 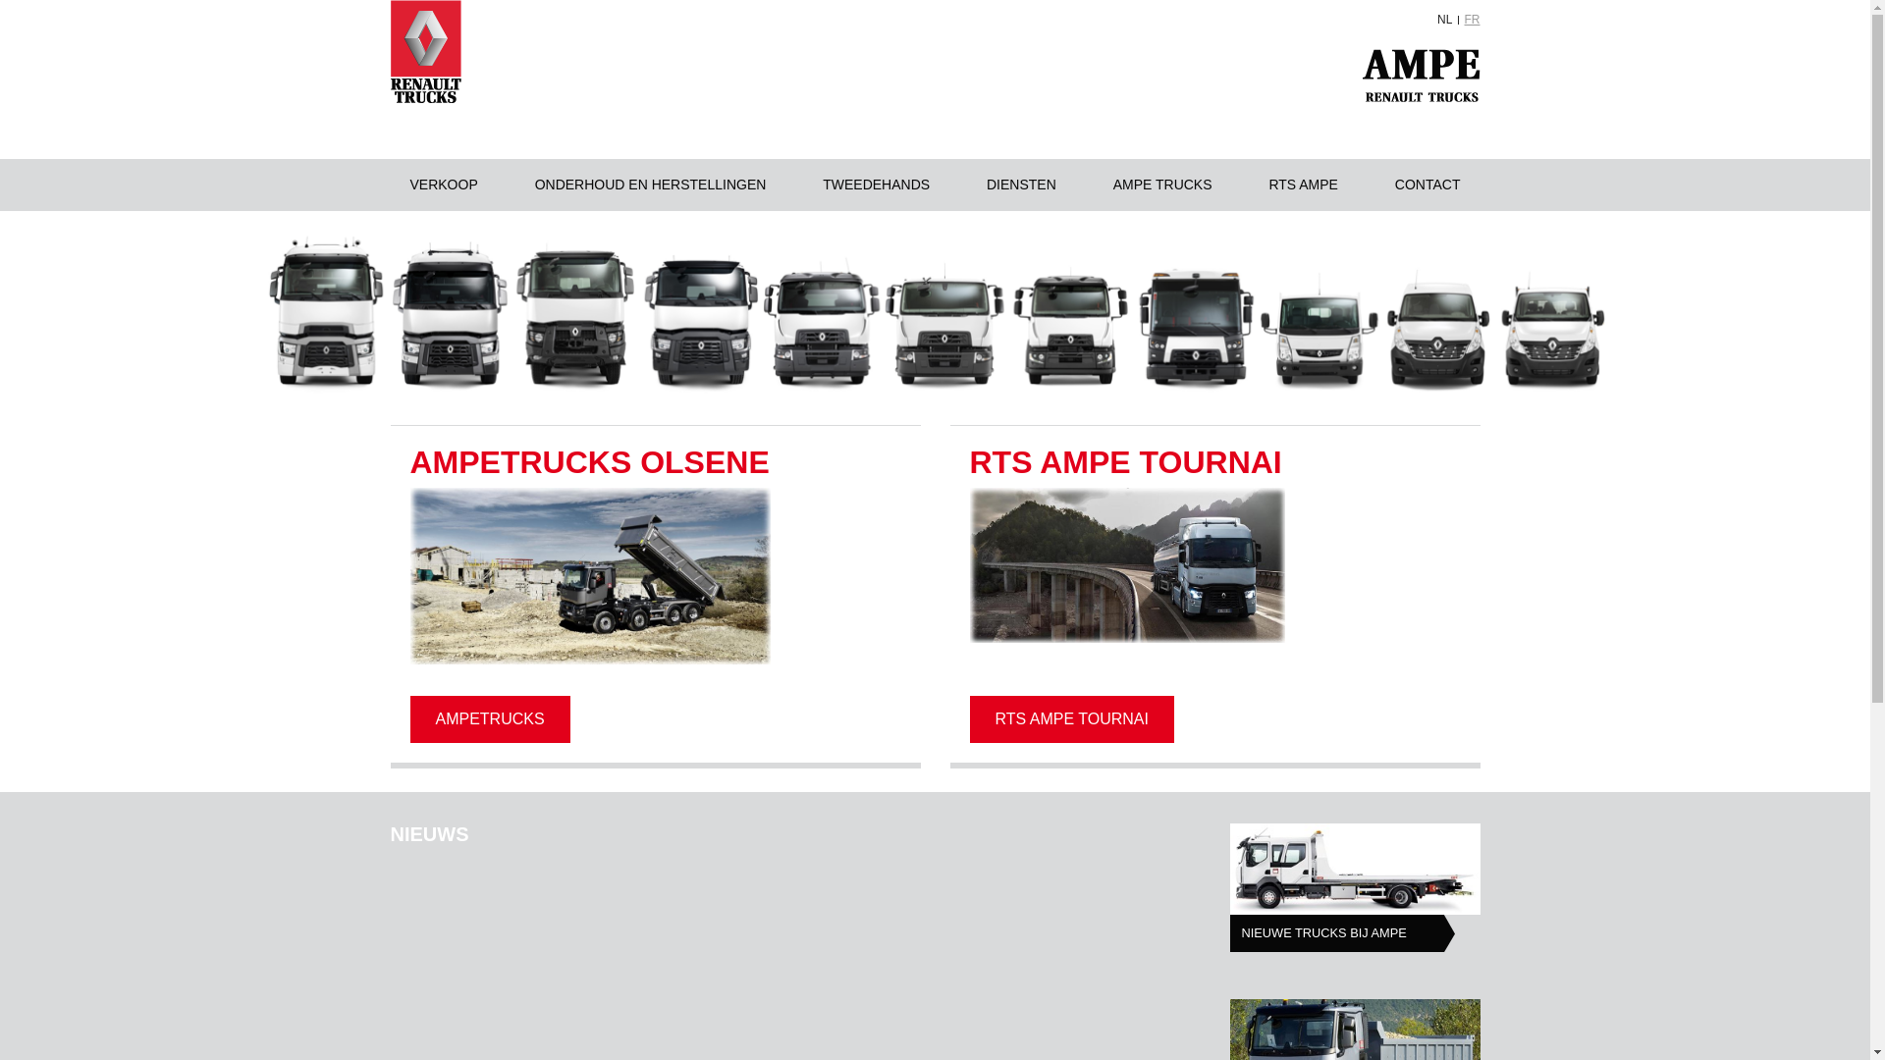 What do you see at coordinates (1162, 185) in the screenshot?
I see `'AMPE TRUCKS'` at bounding box center [1162, 185].